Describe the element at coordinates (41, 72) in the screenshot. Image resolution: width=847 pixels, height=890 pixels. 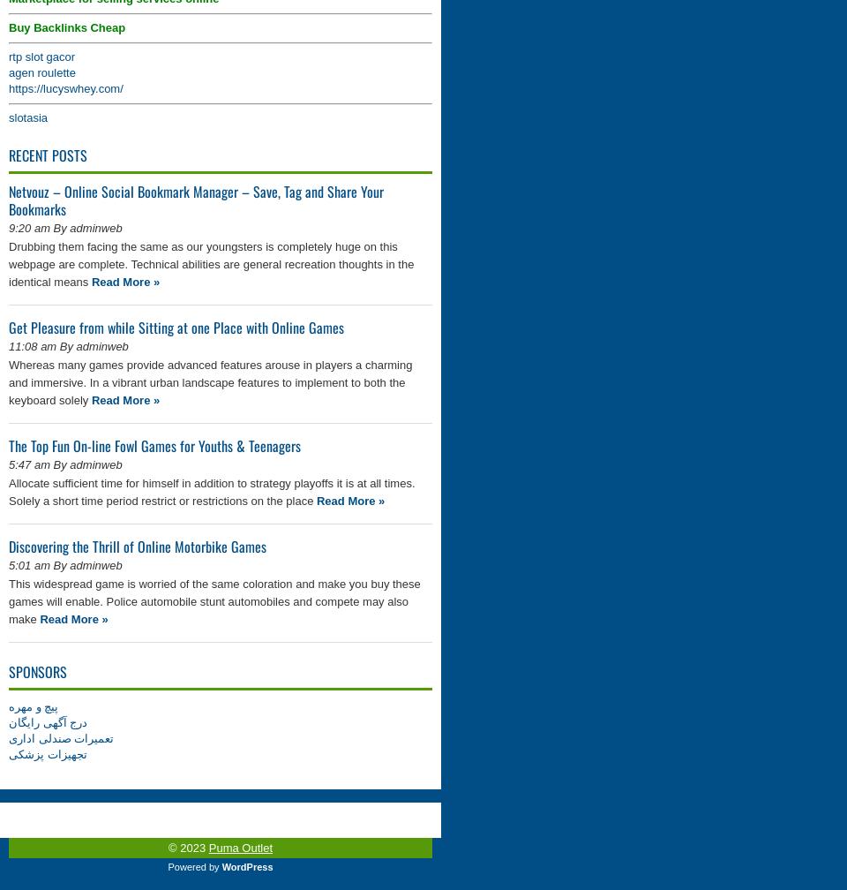
I see `'agen roulette'` at that location.